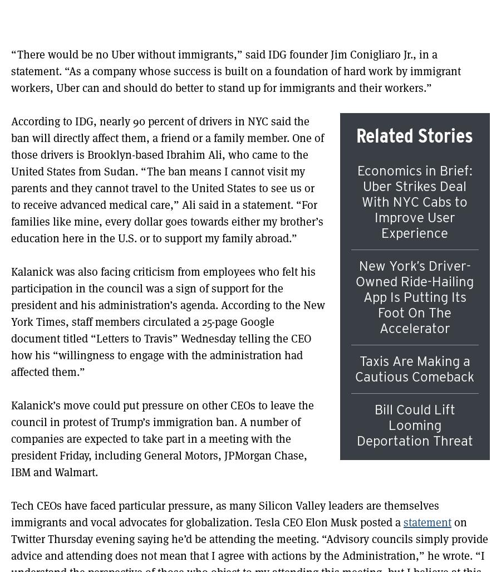 The width and height of the screenshot is (501, 572). Describe the element at coordinates (414, 135) in the screenshot. I see `'Related Stories'` at that location.